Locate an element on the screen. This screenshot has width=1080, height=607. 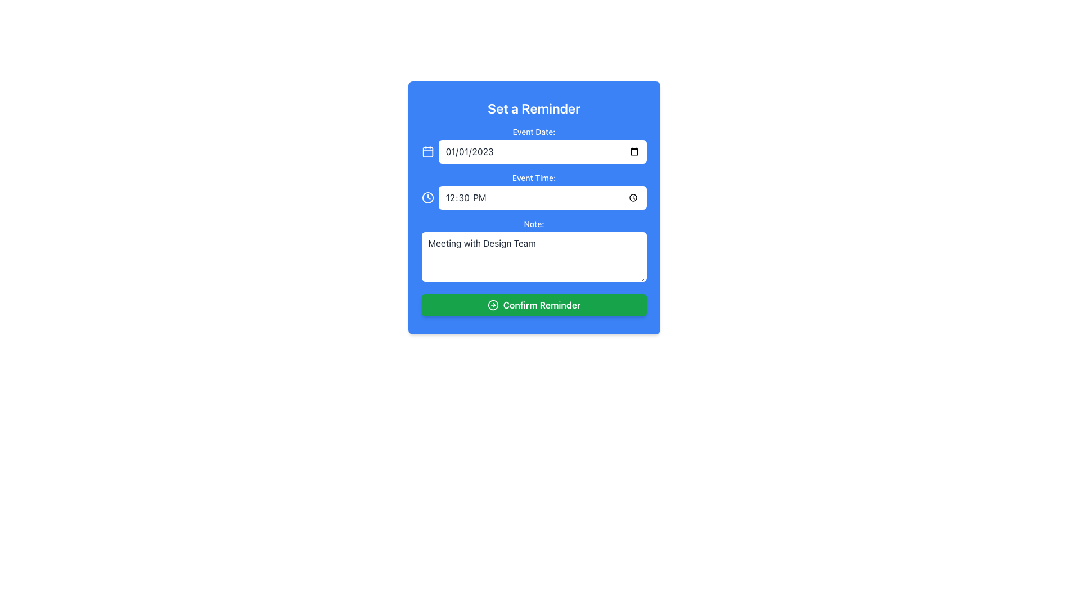
the clock icon located immediately to the left of the '12:30 PM' time text input field, which indicates the usage of the time input is located at coordinates (427, 197).